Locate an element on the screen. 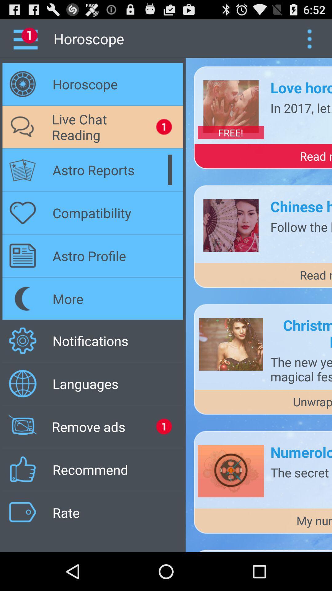 This screenshot has width=332, height=591. follow the light is located at coordinates (301, 226).